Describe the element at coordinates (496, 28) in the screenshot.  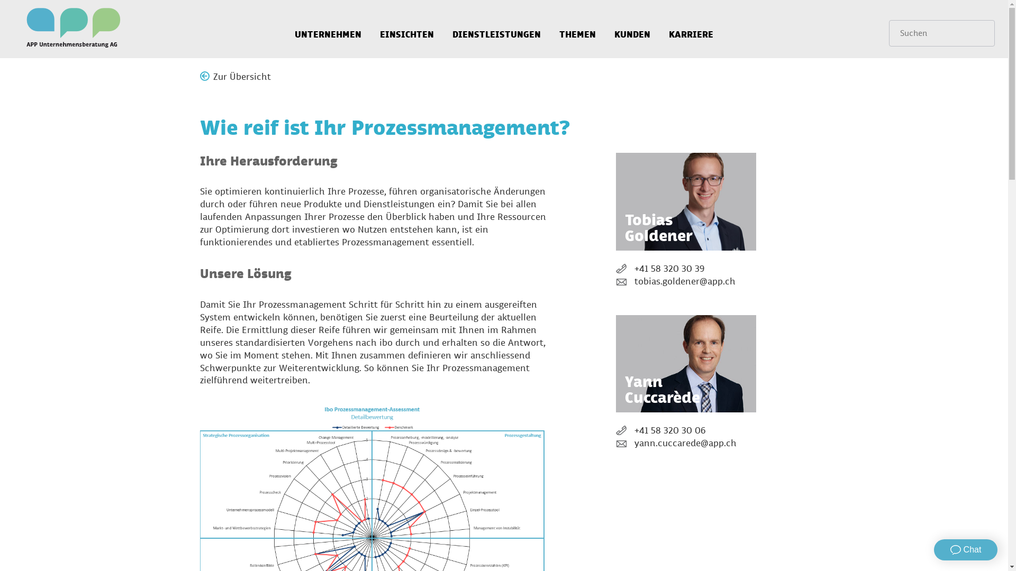
I see `'DIENSTLEISTUNGEN'` at that location.